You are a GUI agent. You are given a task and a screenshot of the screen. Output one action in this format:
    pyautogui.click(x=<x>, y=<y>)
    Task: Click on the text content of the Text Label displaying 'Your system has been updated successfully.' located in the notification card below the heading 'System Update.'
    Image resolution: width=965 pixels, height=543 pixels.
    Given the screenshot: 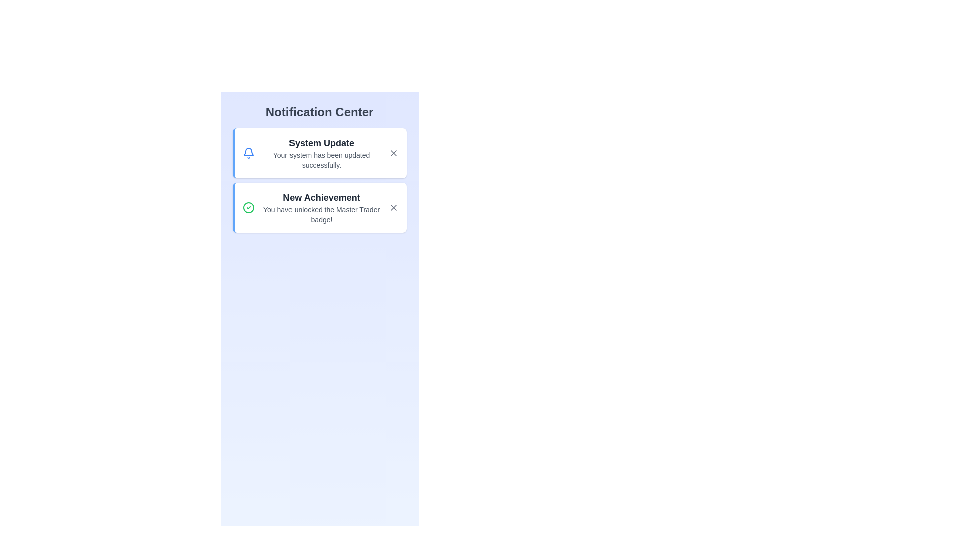 What is the action you would take?
    pyautogui.click(x=321, y=160)
    